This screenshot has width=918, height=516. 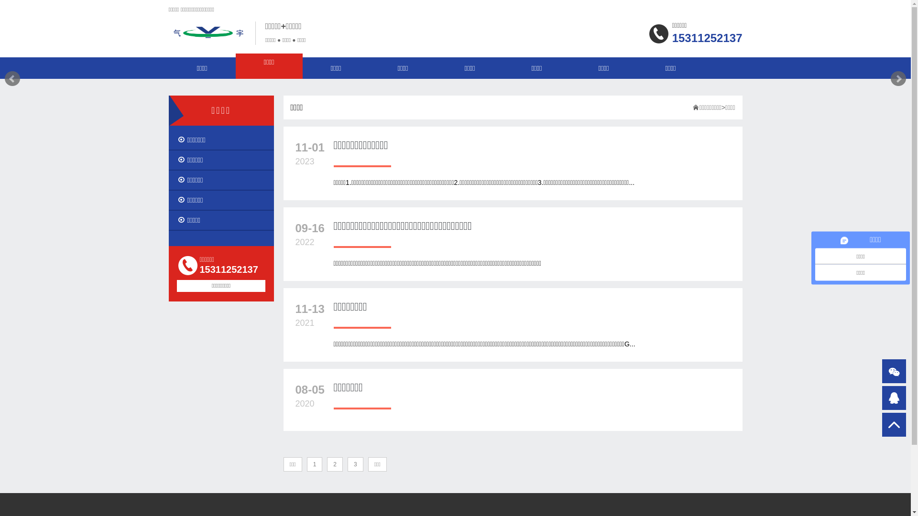 I want to click on 'Next', so click(x=897, y=78).